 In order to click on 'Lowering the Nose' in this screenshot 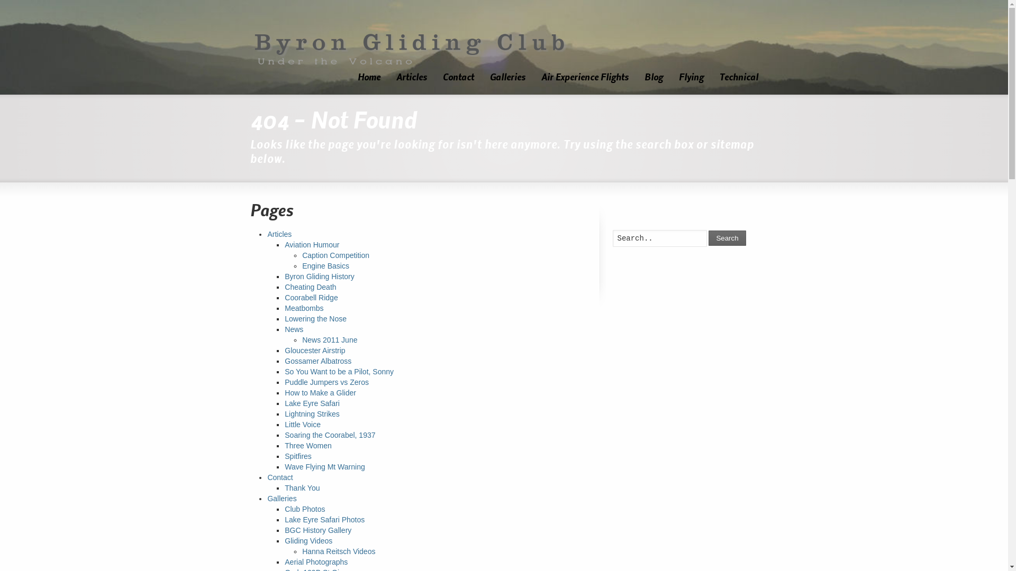, I will do `click(284, 318)`.